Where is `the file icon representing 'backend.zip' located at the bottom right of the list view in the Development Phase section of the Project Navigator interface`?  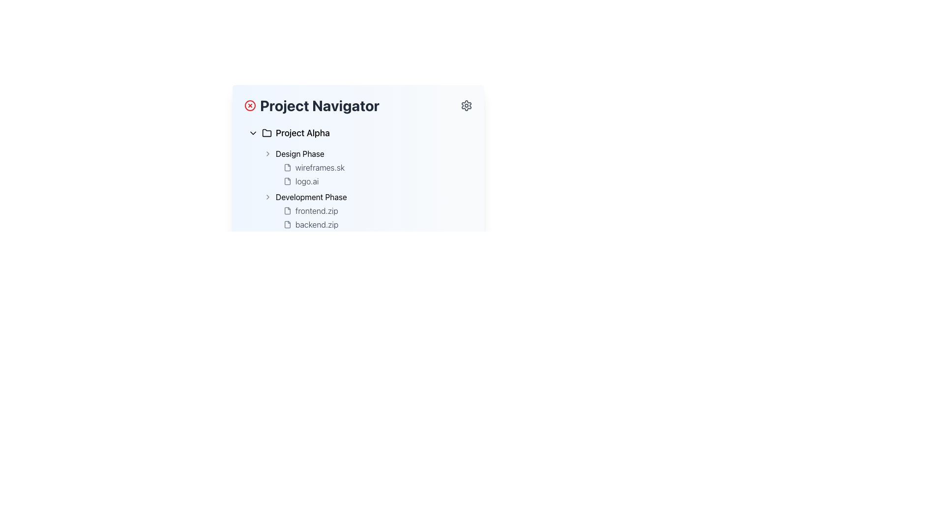
the file icon representing 'backend.zip' located at the bottom right of the list view in the Development Phase section of the Project Navigator interface is located at coordinates (287, 224).